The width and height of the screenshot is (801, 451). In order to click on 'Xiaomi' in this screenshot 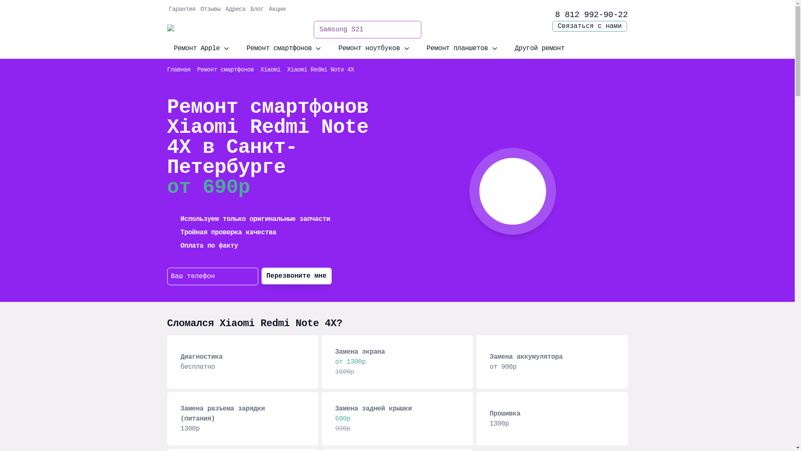, I will do `click(270, 69)`.